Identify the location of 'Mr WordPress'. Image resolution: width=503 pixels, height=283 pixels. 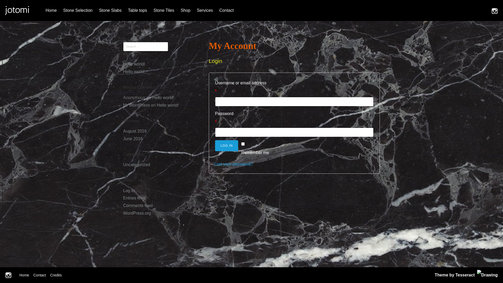
(136, 105).